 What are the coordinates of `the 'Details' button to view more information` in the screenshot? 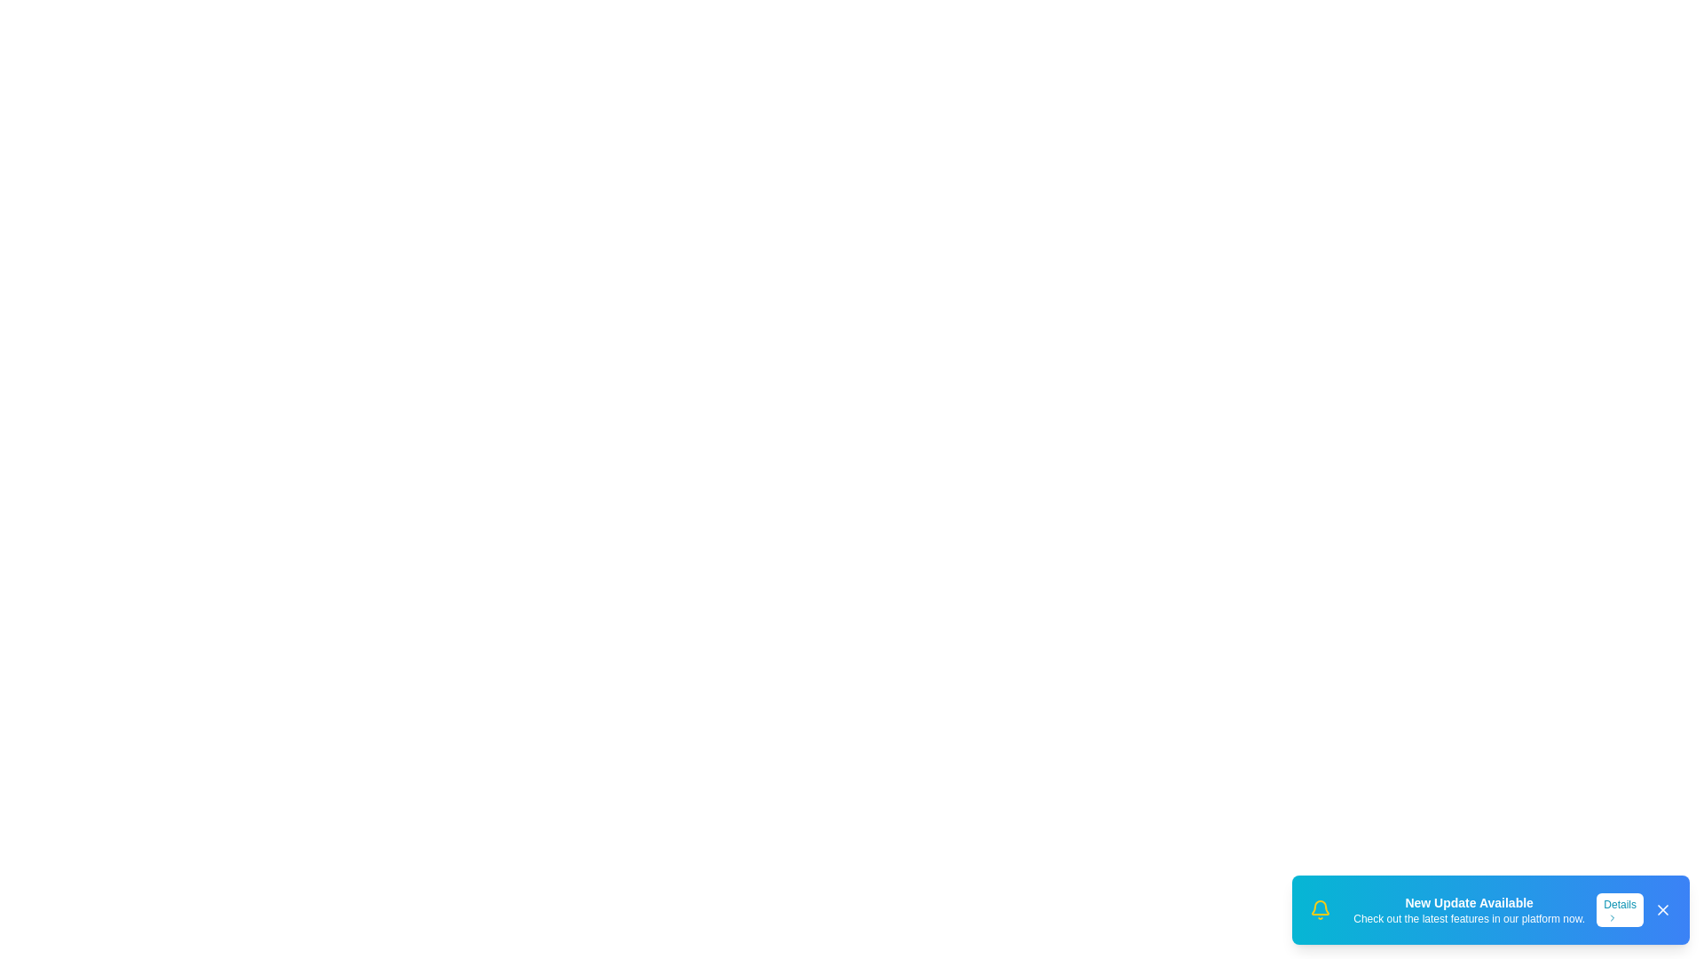 It's located at (1619, 910).